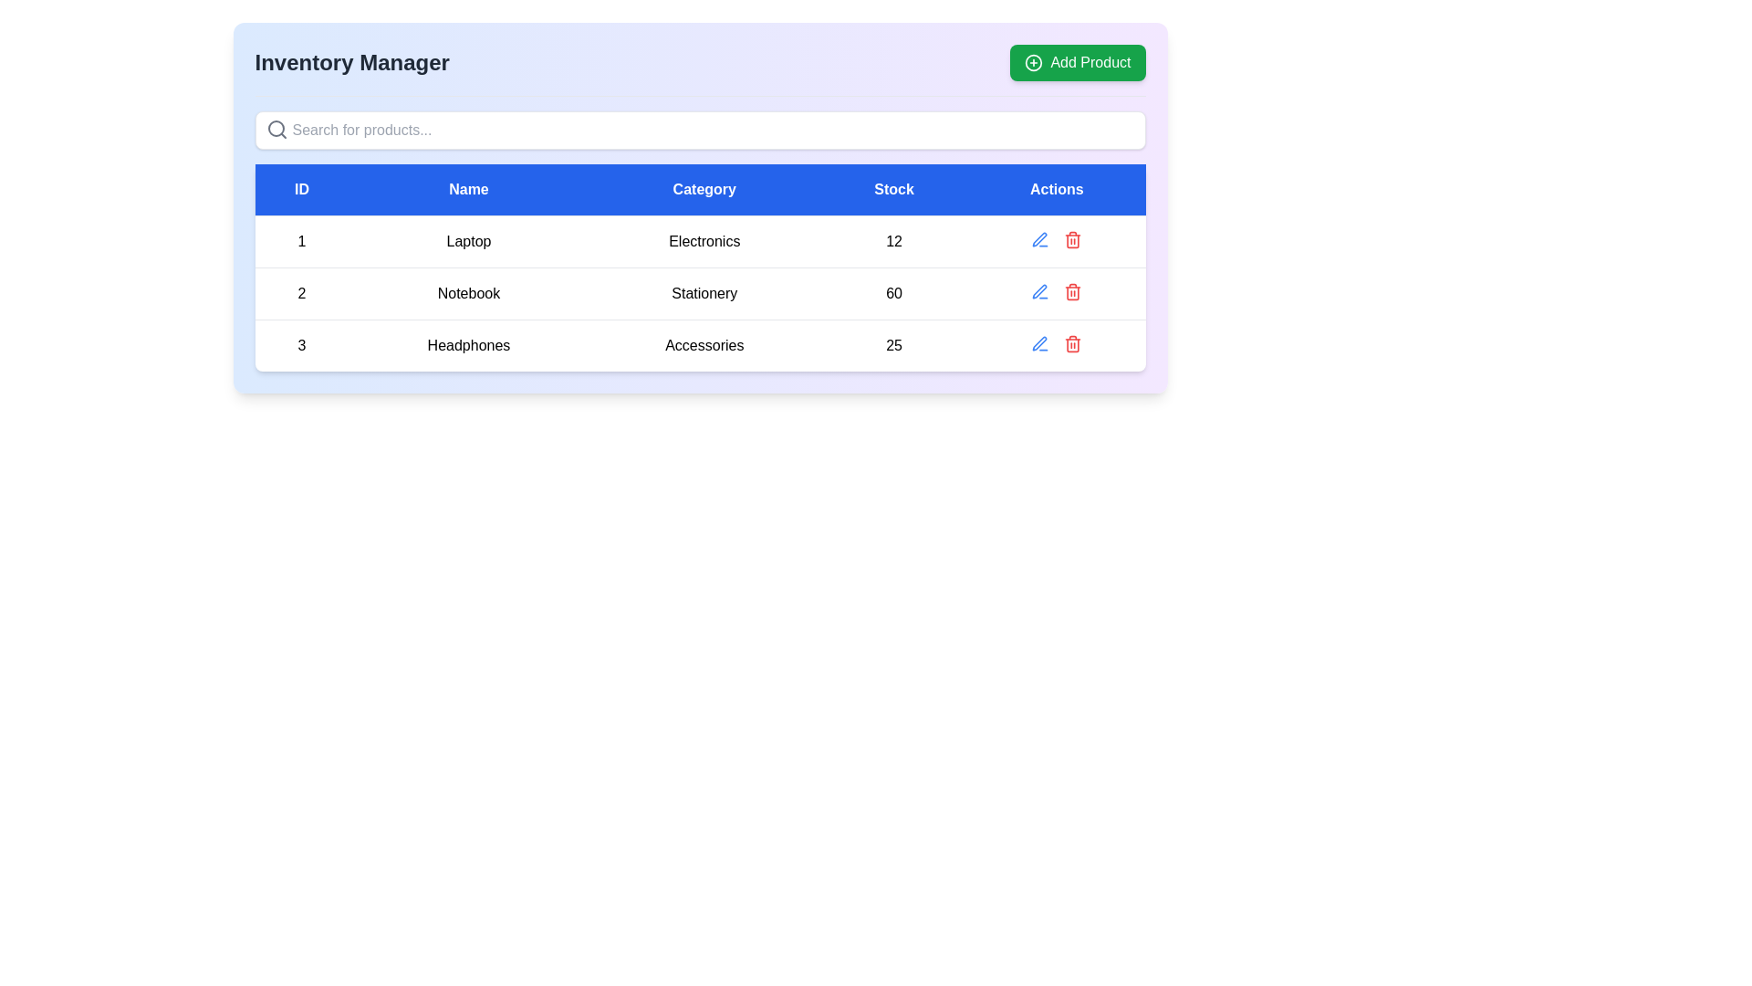 This screenshot has width=1752, height=986. Describe the element at coordinates (893, 241) in the screenshot. I see `the Text display element that shows the current stock count for the item in the inventory list, located in the 'Stock' column of the first row, between 'Category' (Electronics) and 'Actions'` at that location.